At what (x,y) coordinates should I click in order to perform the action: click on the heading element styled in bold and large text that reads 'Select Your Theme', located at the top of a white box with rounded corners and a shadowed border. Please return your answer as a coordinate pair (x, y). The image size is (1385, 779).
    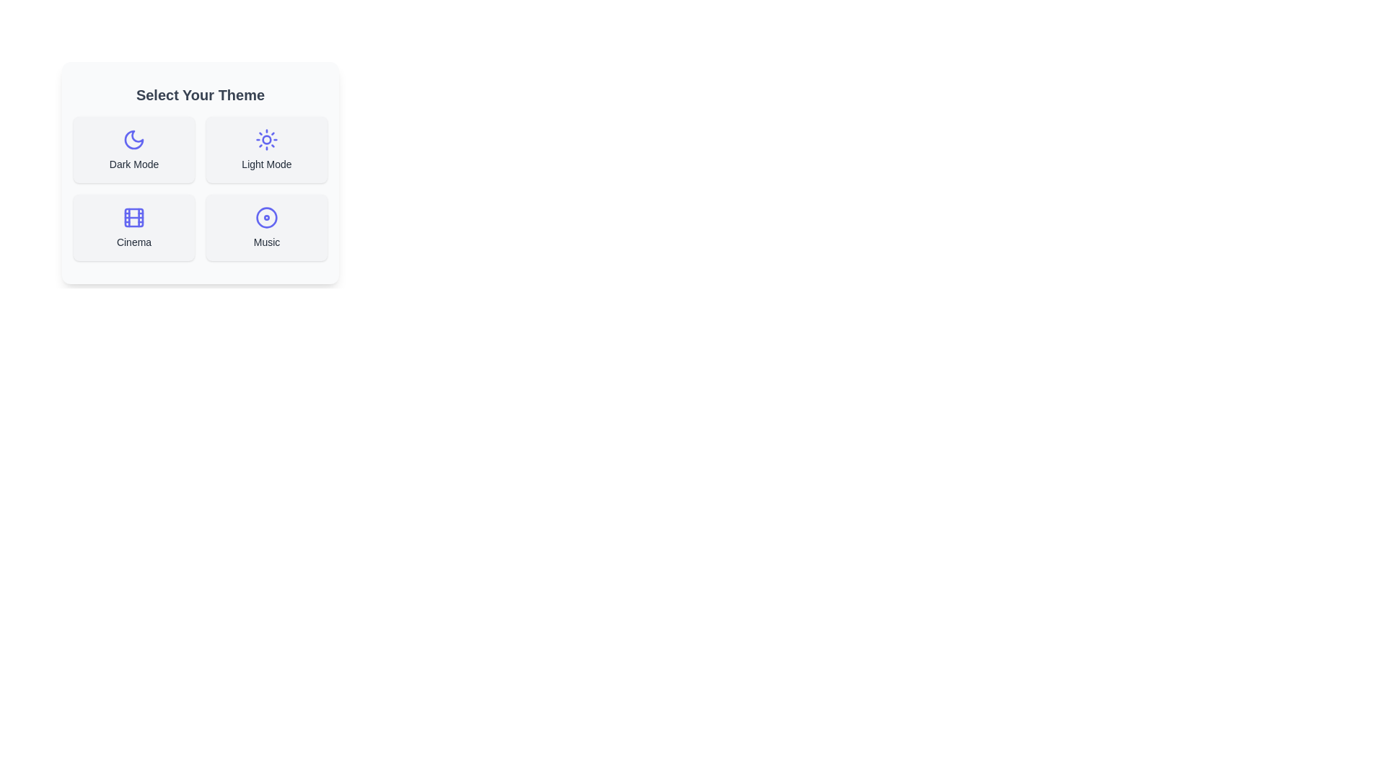
    Looking at the image, I should click on (200, 94).